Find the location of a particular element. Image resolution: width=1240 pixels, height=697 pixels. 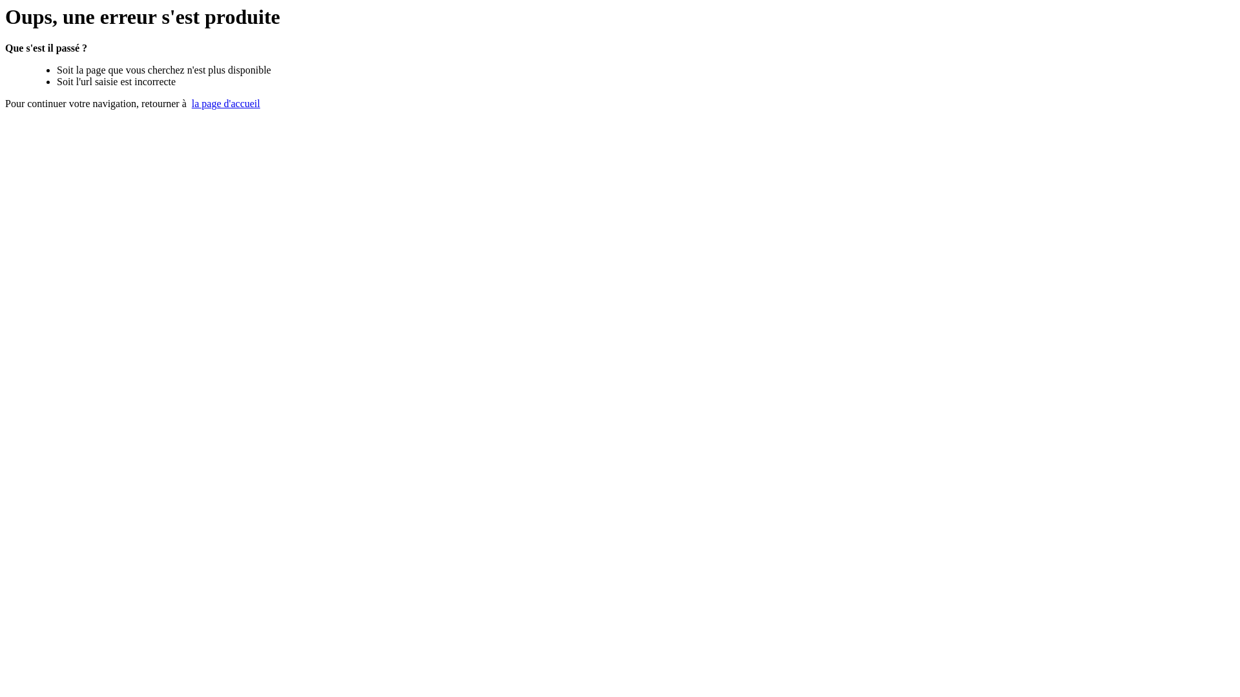

'la page d'accueil' is located at coordinates (226, 103).